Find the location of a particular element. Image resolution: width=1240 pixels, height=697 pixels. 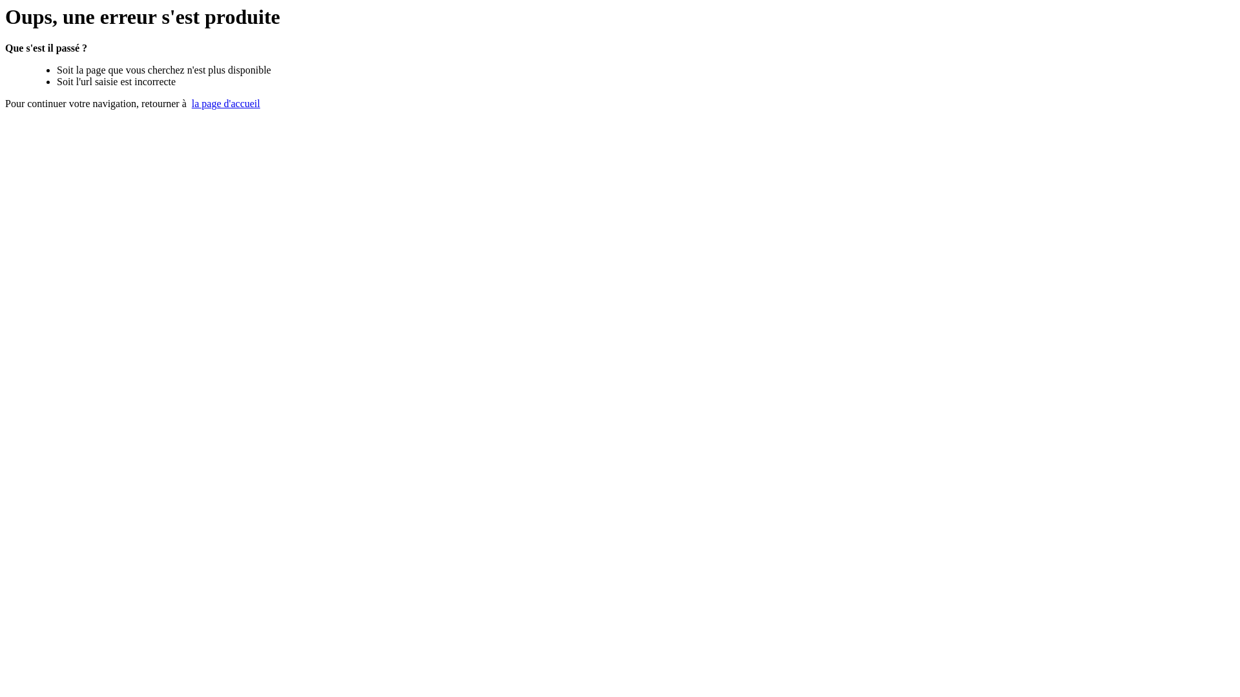

'la page d'accueil' is located at coordinates (226, 103).